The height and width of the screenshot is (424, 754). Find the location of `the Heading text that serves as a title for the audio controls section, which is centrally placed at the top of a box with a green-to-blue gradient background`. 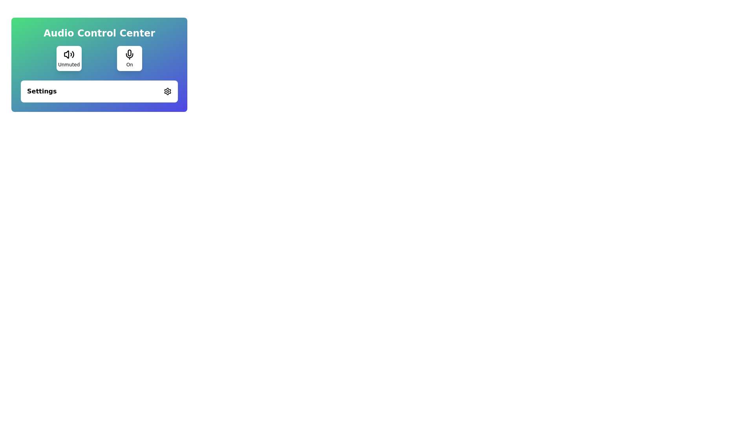

the Heading text that serves as a title for the audio controls section, which is centrally placed at the top of a box with a green-to-blue gradient background is located at coordinates (99, 33).